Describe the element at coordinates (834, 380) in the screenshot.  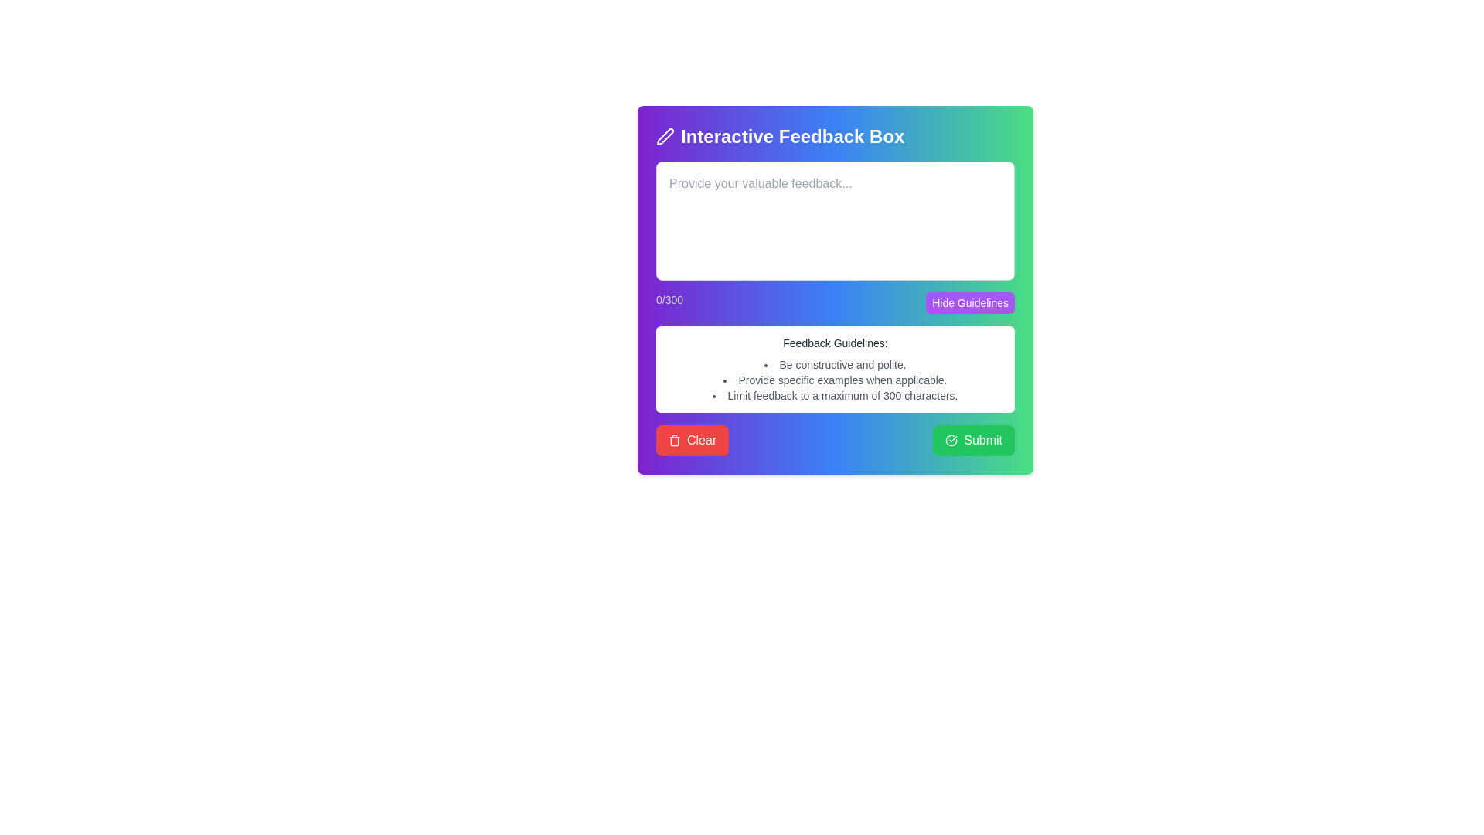
I see `the static text that reads 'Provide specific examples when applicable,' which is the second item in the feedback guidelines list` at that location.